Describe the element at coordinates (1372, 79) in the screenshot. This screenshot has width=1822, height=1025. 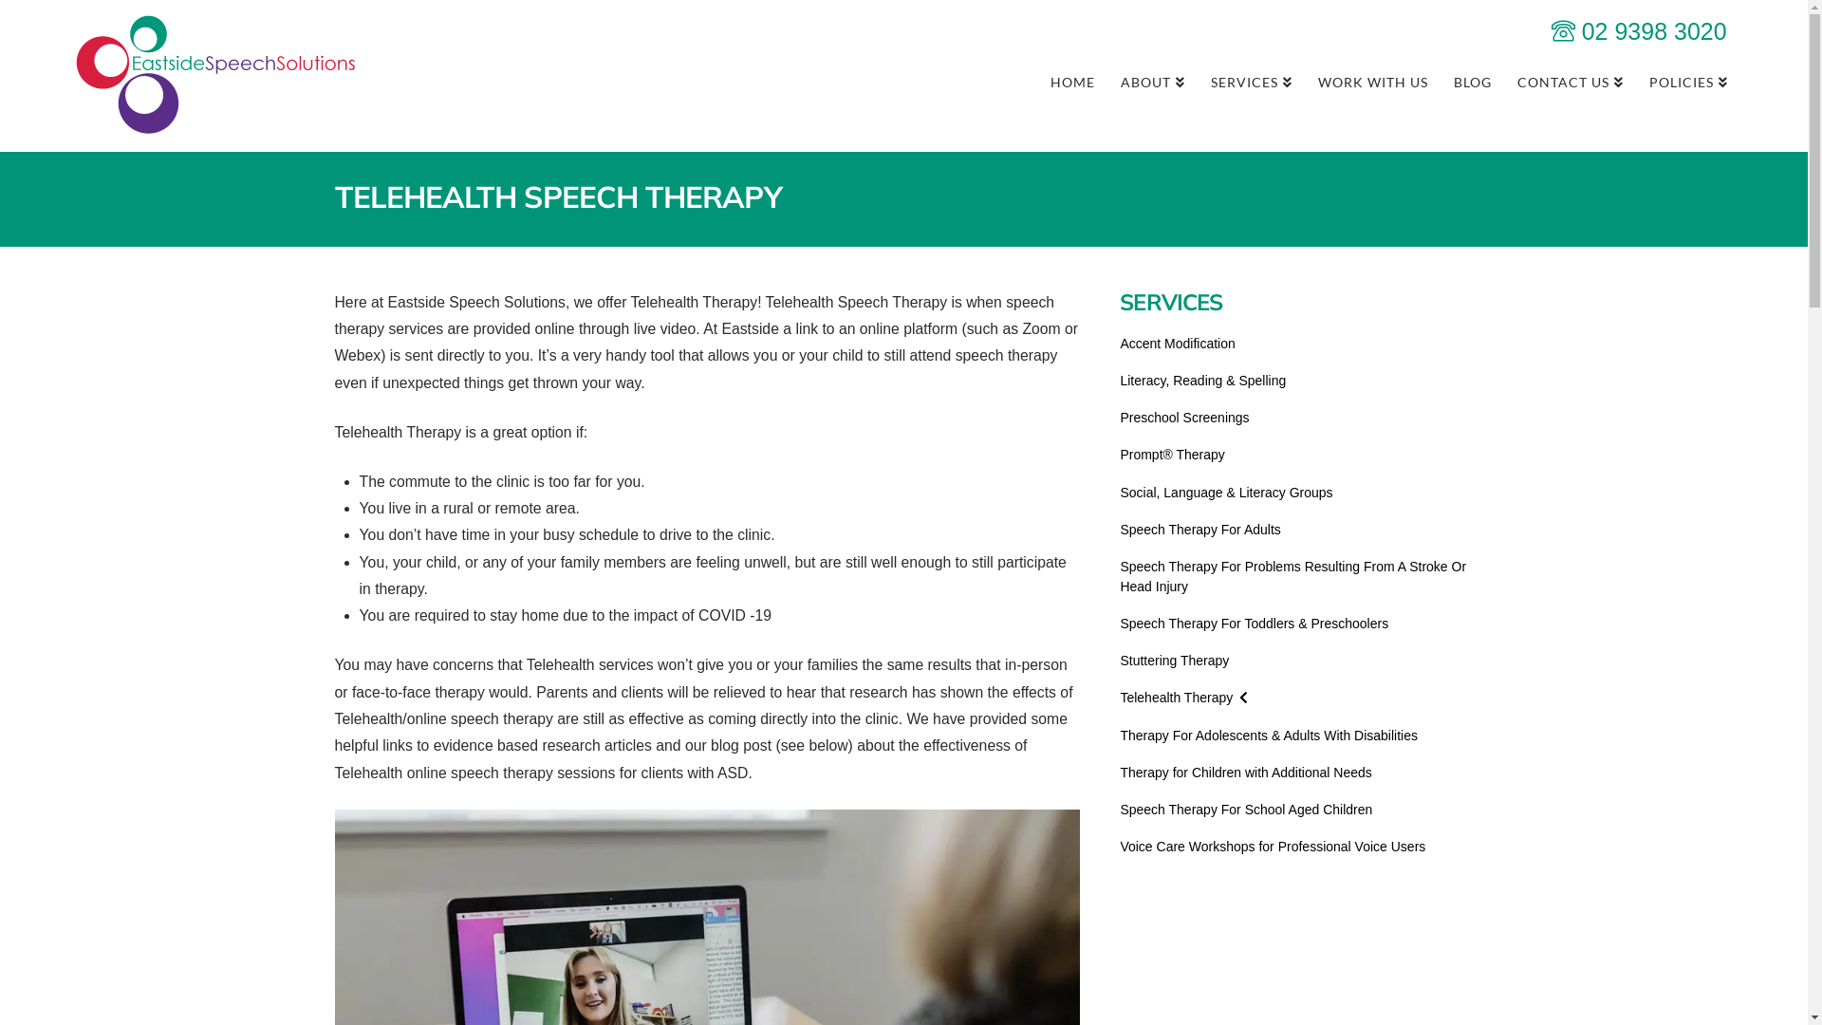
I see `'WORK WITH US'` at that location.